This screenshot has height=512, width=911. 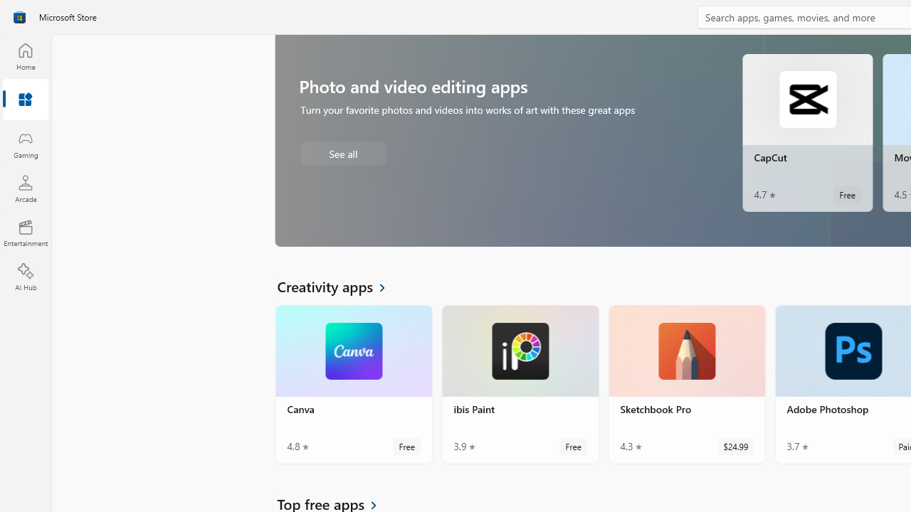 What do you see at coordinates (519, 390) in the screenshot?
I see `'ibis Paint. Average rating of 3.9 out of five stars. Free  '` at bounding box center [519, 390].